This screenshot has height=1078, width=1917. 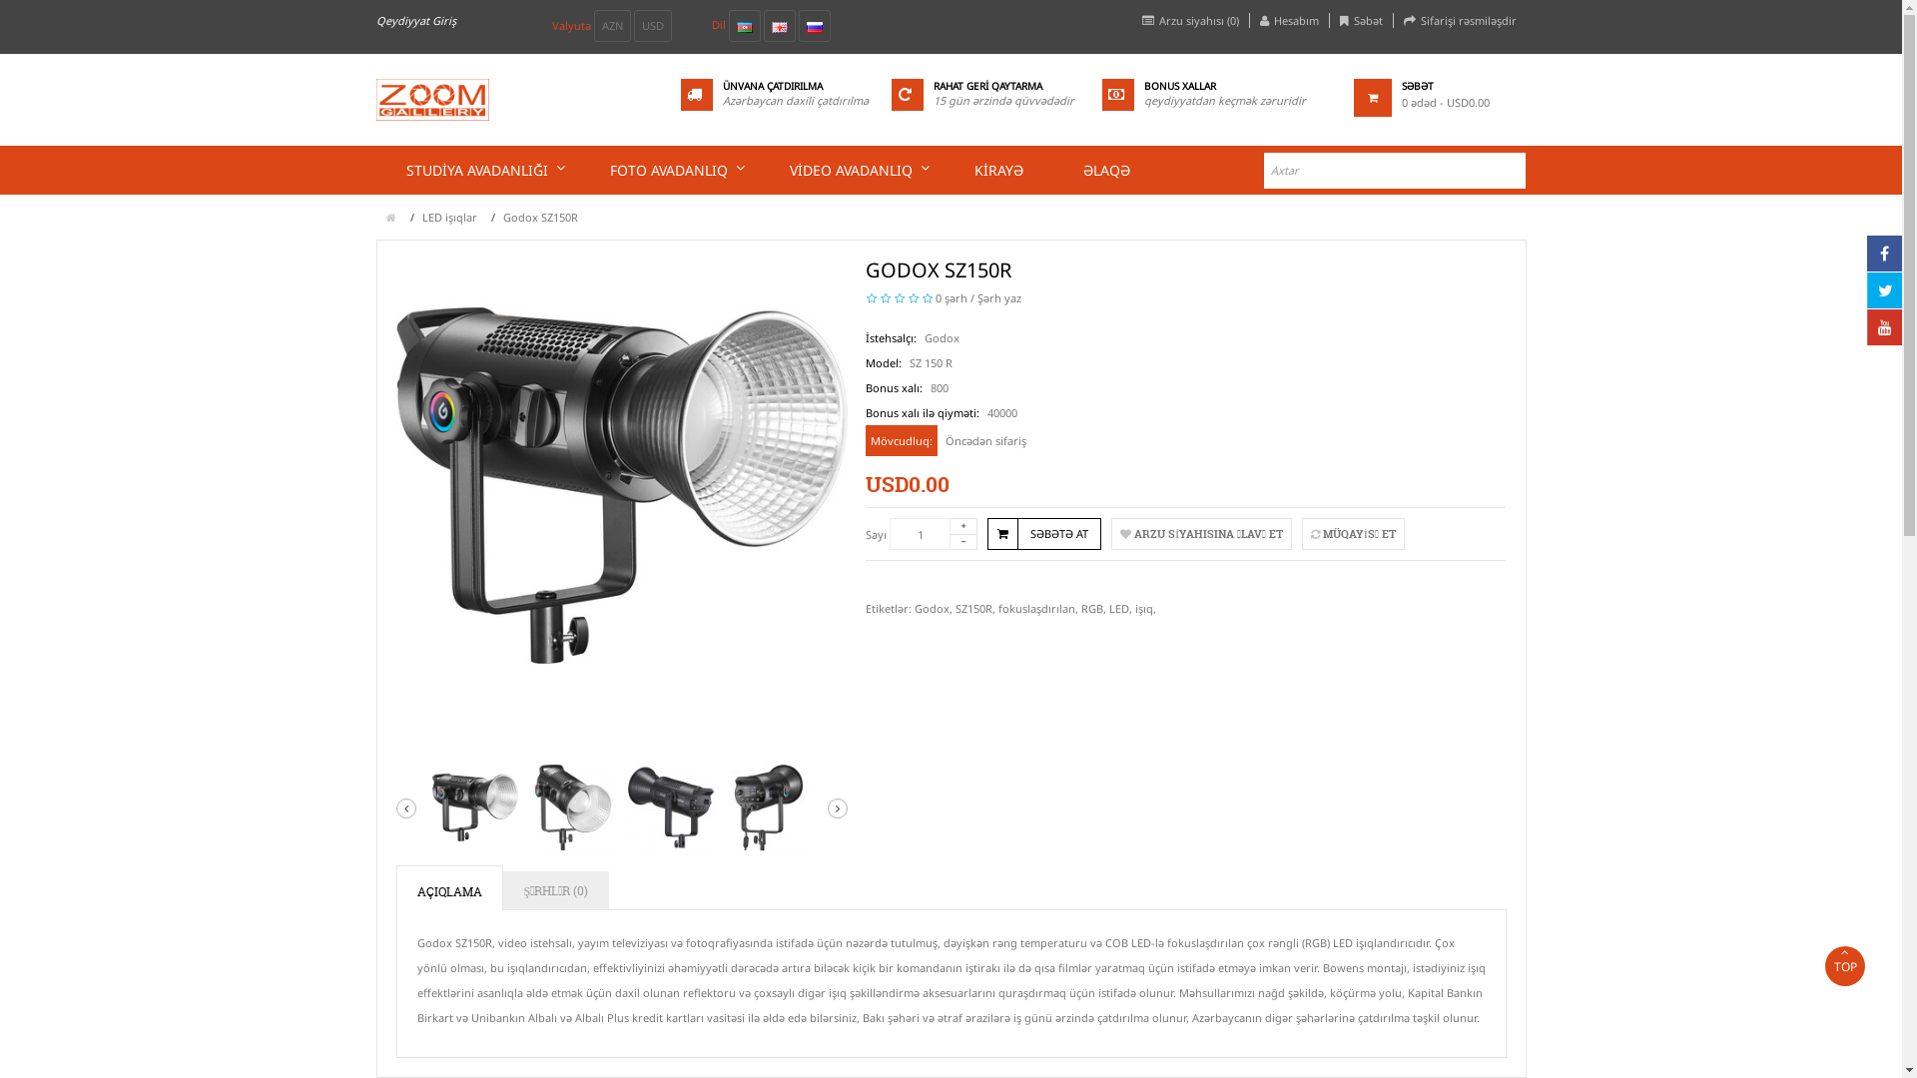 I want to click on 'SZ150R', so click(x=954, y=607).